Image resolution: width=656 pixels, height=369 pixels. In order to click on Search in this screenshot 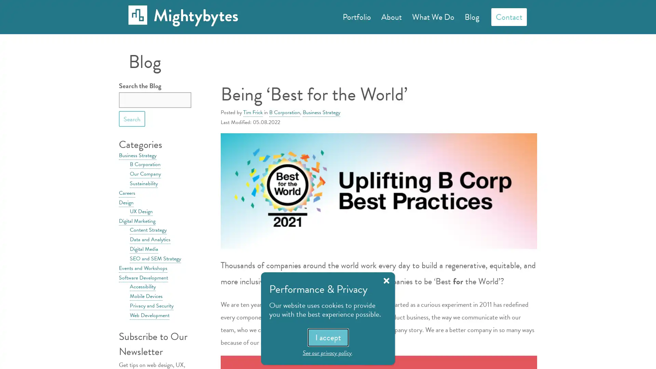, I will do `click(132, 118)`.